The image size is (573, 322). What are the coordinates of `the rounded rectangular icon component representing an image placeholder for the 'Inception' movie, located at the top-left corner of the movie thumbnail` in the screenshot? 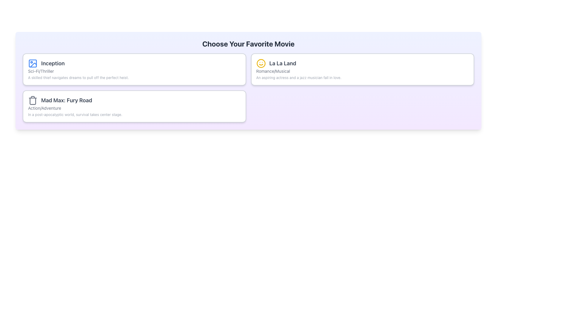 It's located at (33, 63).